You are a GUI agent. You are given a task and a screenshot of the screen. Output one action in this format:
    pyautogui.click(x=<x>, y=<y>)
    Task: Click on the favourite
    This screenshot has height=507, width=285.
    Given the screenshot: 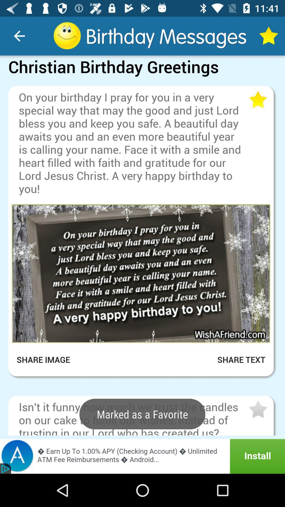 What is the action you would take?
    pyautogui.click(x=257, y=409)
    